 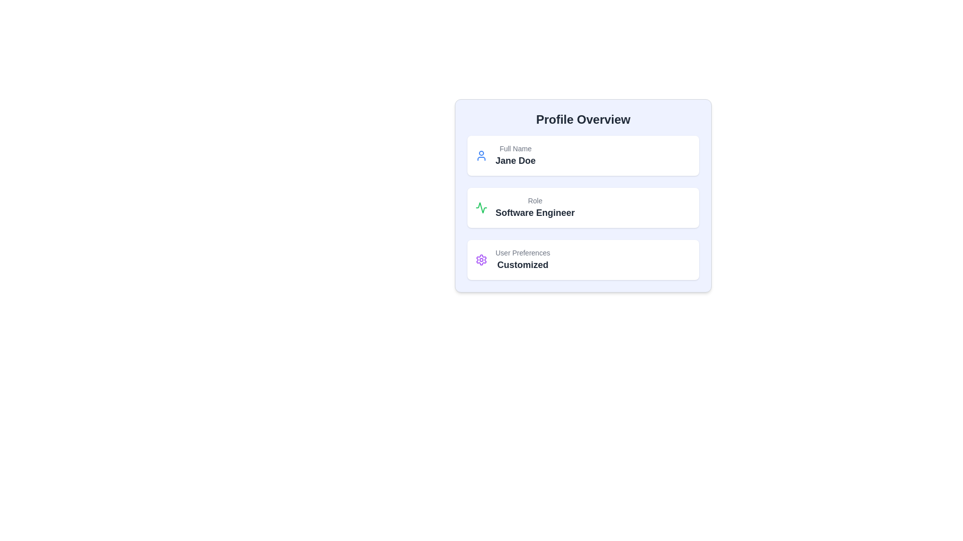 I want to click on text label indicating the current user preference settings located in the second row of the 'User Preferences' card within the 'Profile Overview' section, so click(x=522, y=264).